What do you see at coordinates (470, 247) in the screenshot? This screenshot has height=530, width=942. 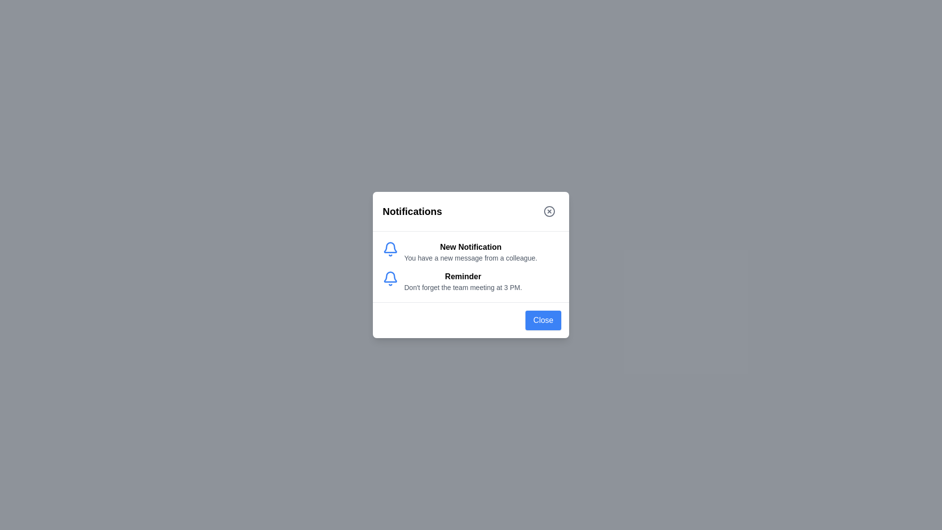 I see `the title of the topmost notification in the notification panel, which summarizes the alert's nature, located above the message 'You have a new message from a colleague.'` at bounding box center [470, 247].